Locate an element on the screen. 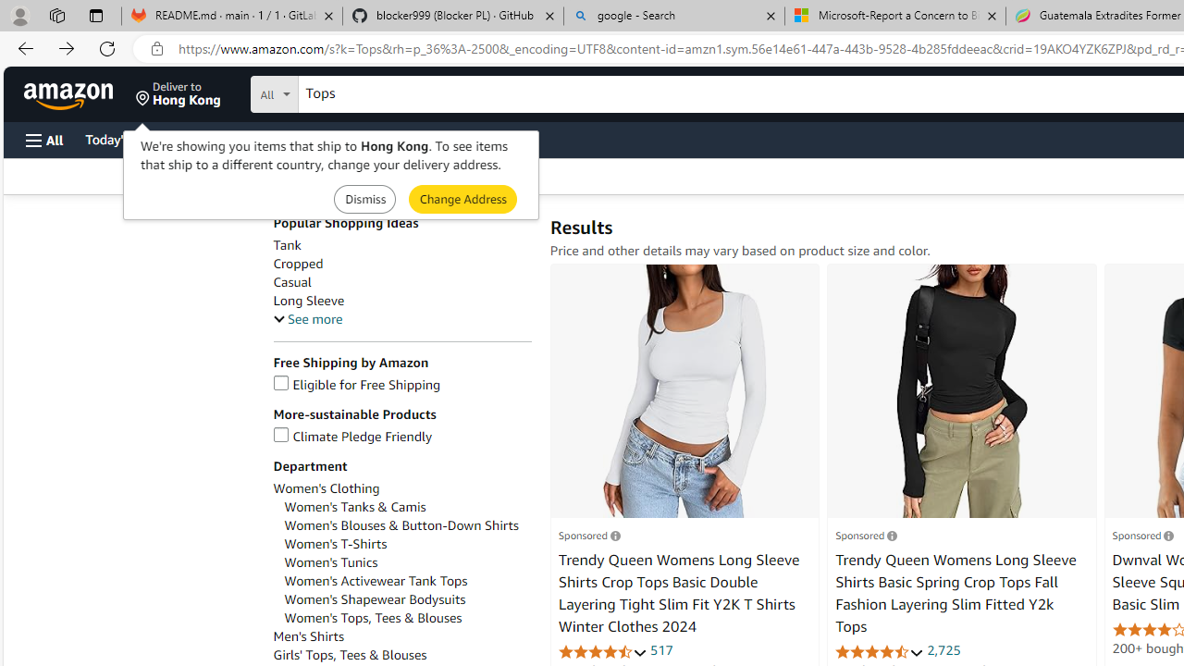 This screenshot has height=666, width=1184. 'Girls' is located at coordinates (401, 654).